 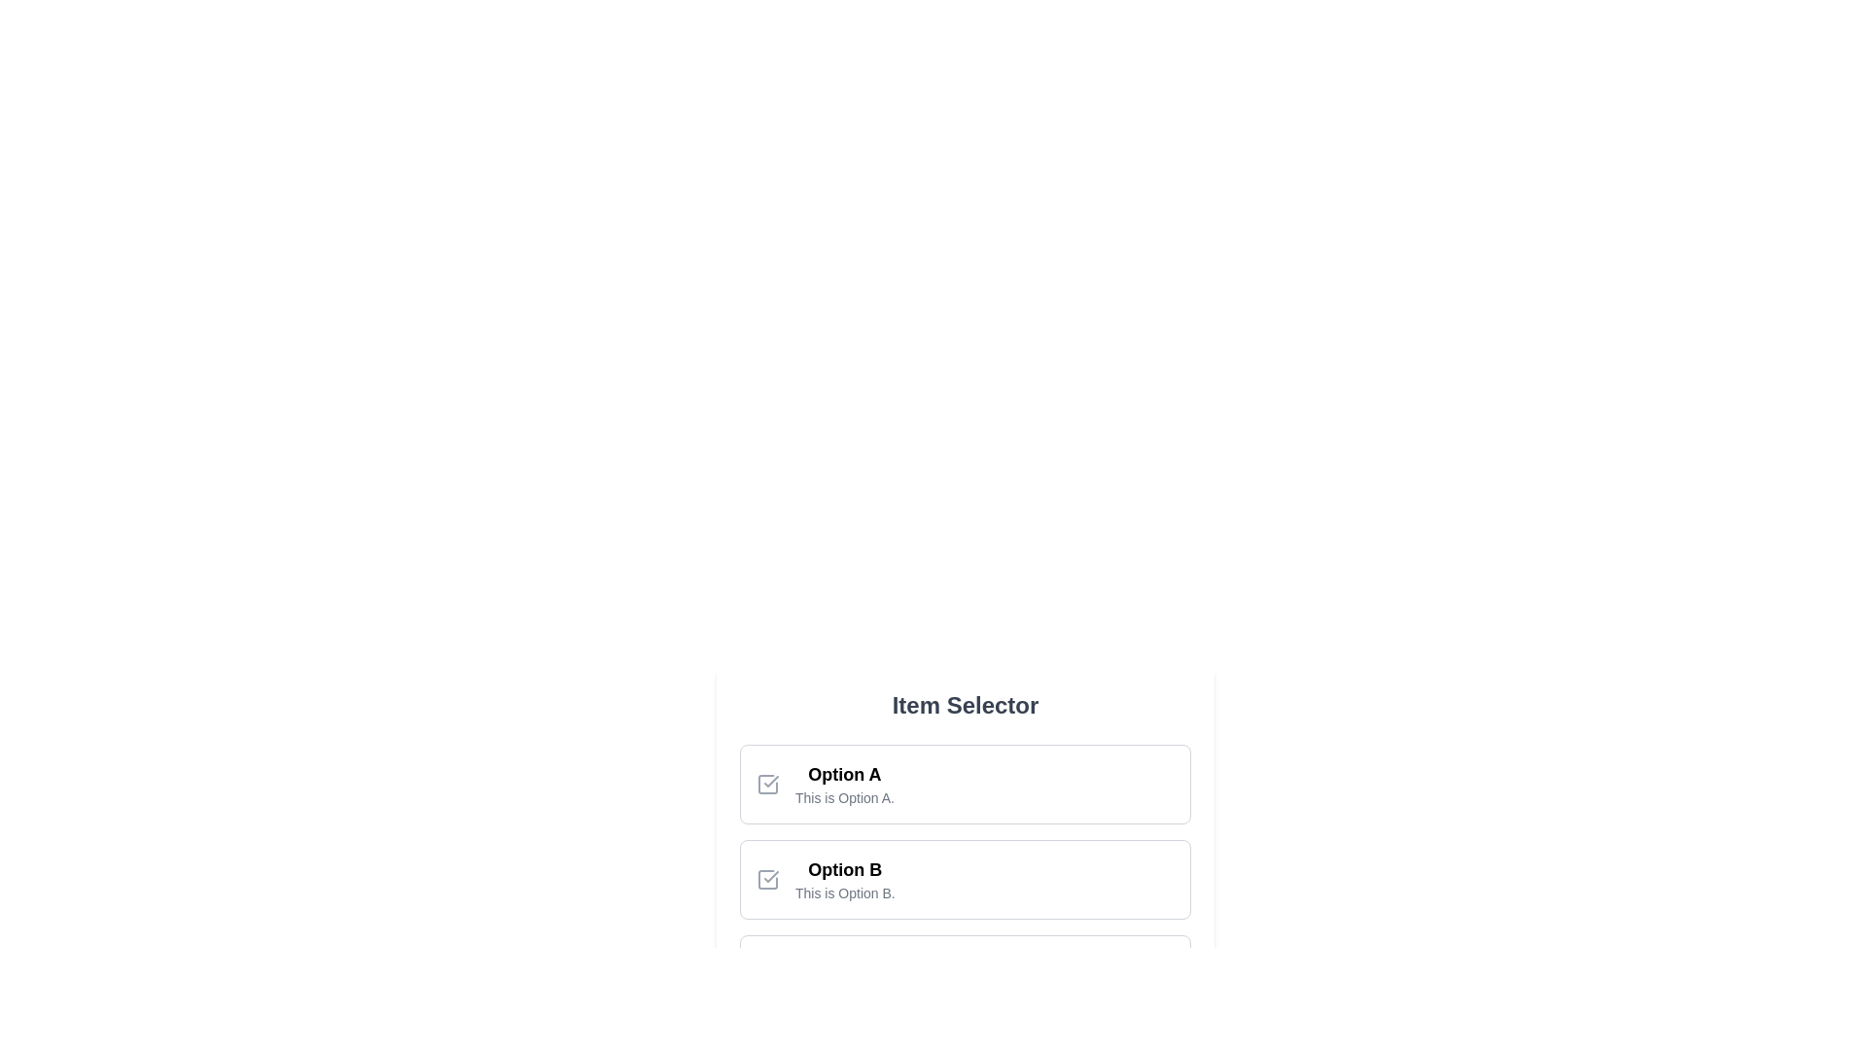 What do you see at coordinates (845, 892) in the screenshot?
I see `the text label displaying 'This is Option B.' styled in gray color, located beneath the header 'Option B'` at bounding box center [845, 892].